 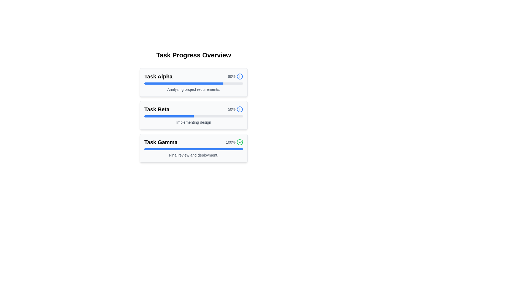 I want to click on the informational tooltip trigger icon located to the right of the '50%' text in the 'Task Beta' row, so click(x=239, y=109).